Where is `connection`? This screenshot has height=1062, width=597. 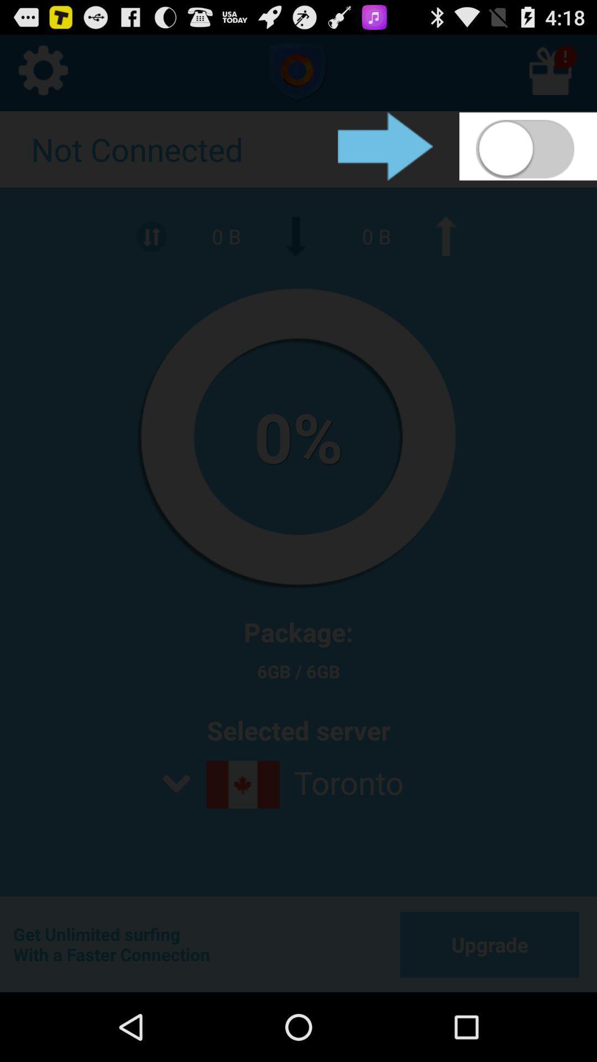 connection is located at coordinates (527, 145).